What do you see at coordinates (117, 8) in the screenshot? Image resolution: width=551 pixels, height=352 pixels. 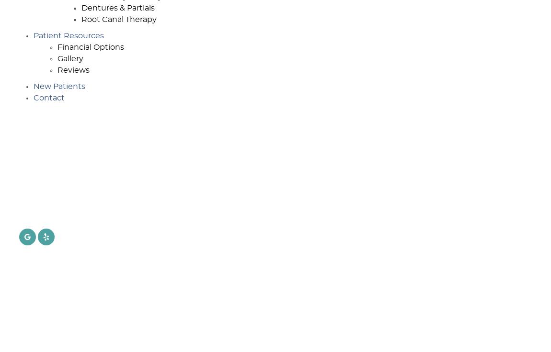 I see `'Dentures & Partials'` at bounding box center [117, 8].